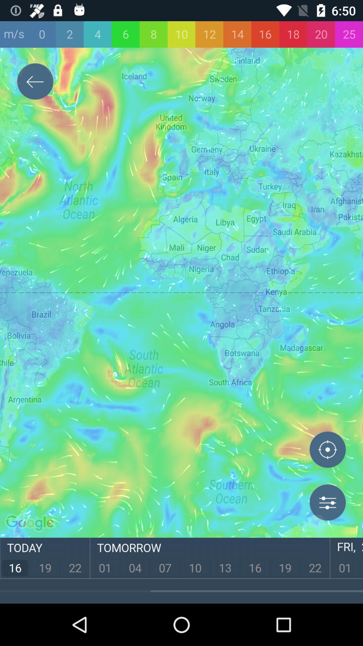 This screenshot has height=646, width=363. Describe the element at coordinates (327, 502) in the screenshot. I see `menu icon` at that location.